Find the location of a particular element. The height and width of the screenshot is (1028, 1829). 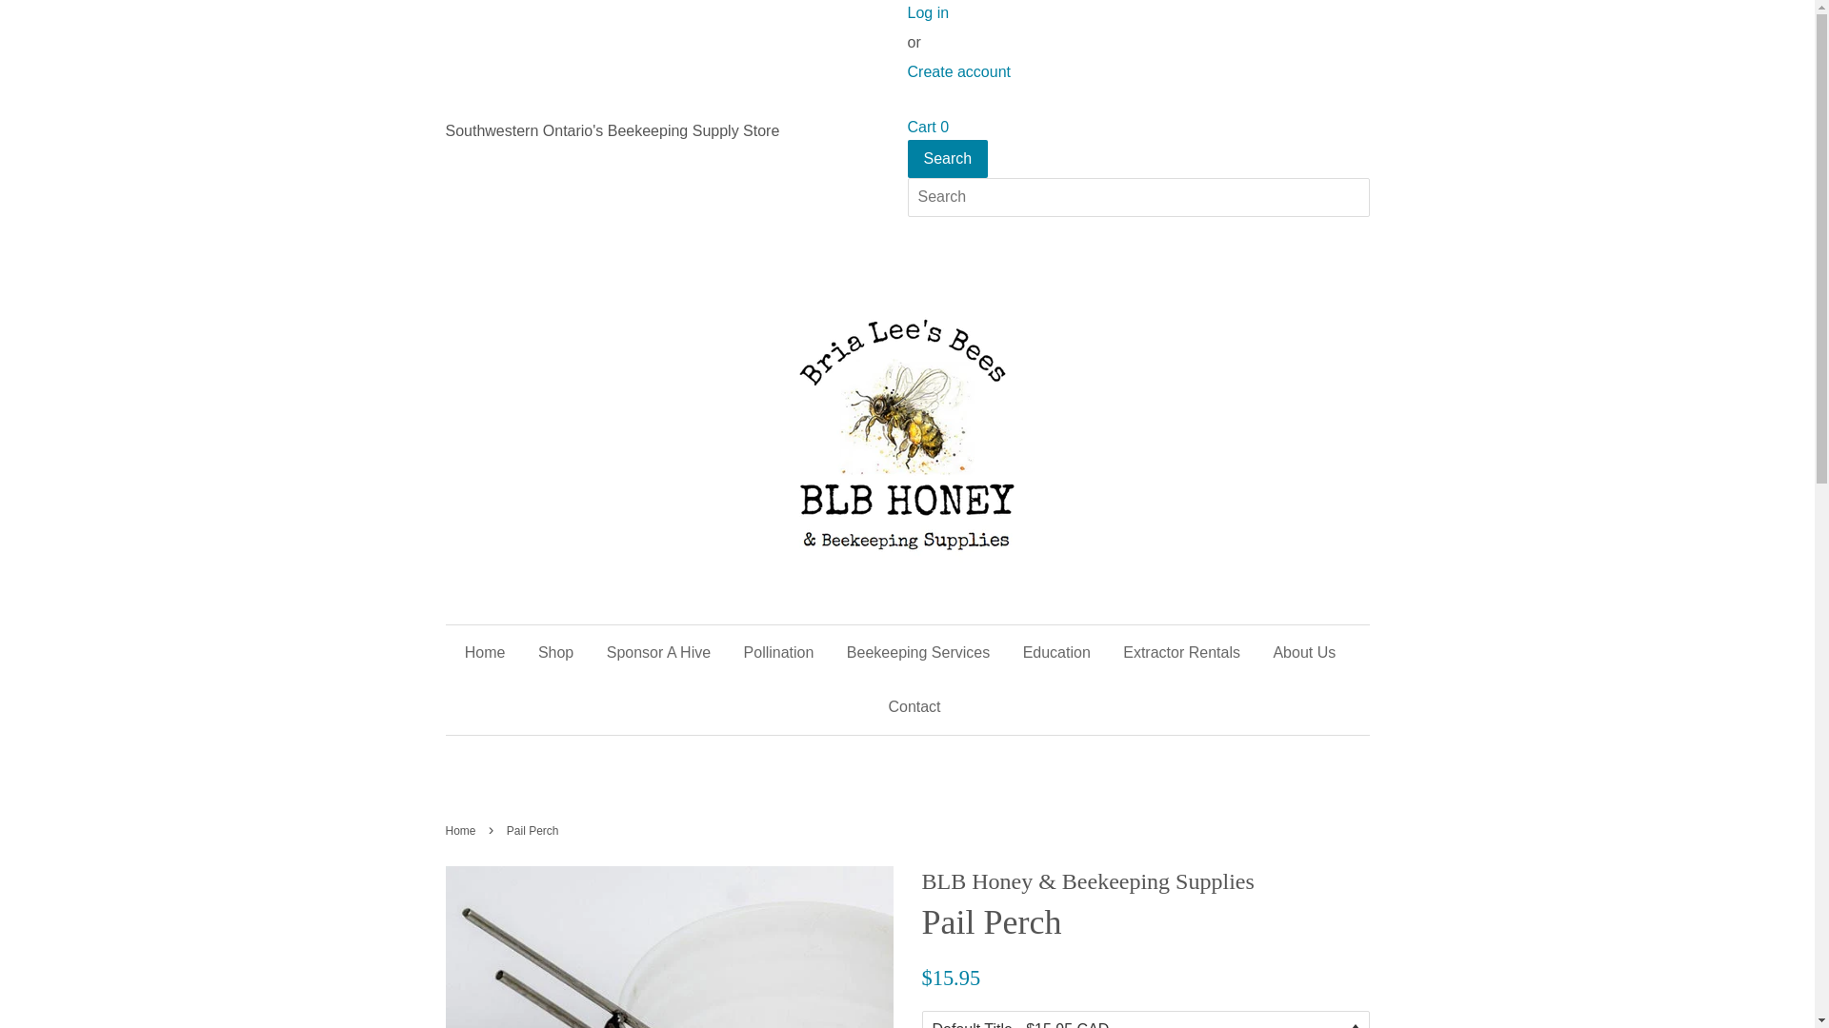

'Cart 0' is located at coordinates (928, 127).